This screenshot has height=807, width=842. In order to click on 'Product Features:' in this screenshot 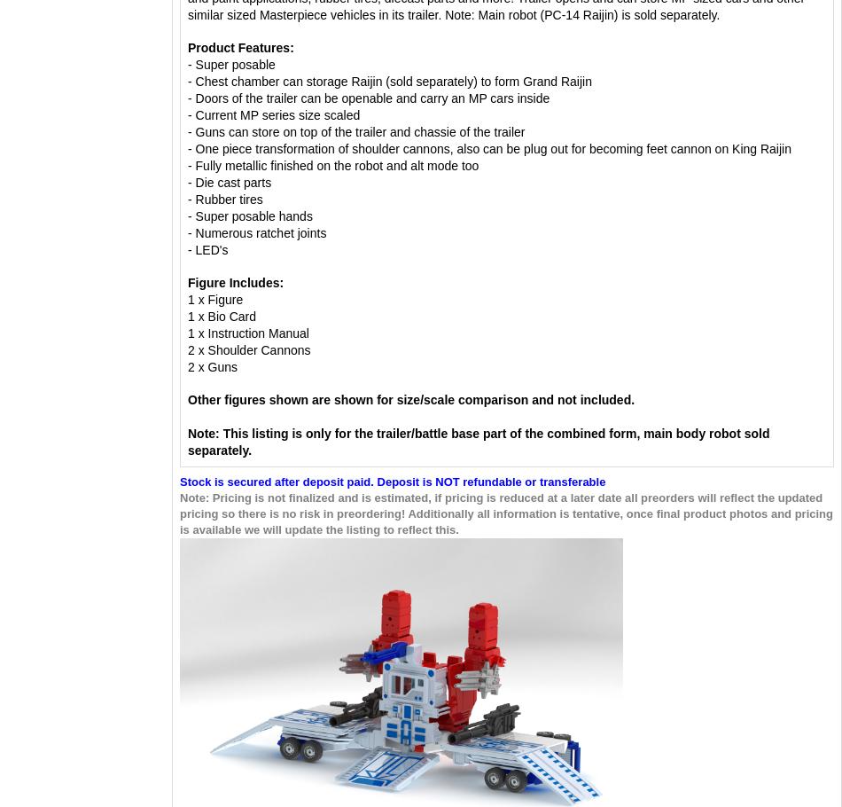, I will do `click(239, 47)`.